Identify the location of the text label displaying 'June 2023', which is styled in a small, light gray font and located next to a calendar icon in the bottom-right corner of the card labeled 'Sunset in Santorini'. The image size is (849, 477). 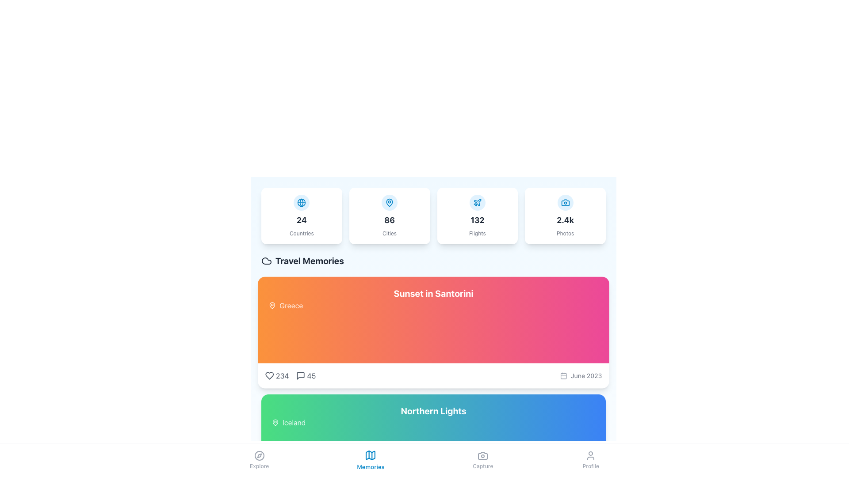
(586, 375).